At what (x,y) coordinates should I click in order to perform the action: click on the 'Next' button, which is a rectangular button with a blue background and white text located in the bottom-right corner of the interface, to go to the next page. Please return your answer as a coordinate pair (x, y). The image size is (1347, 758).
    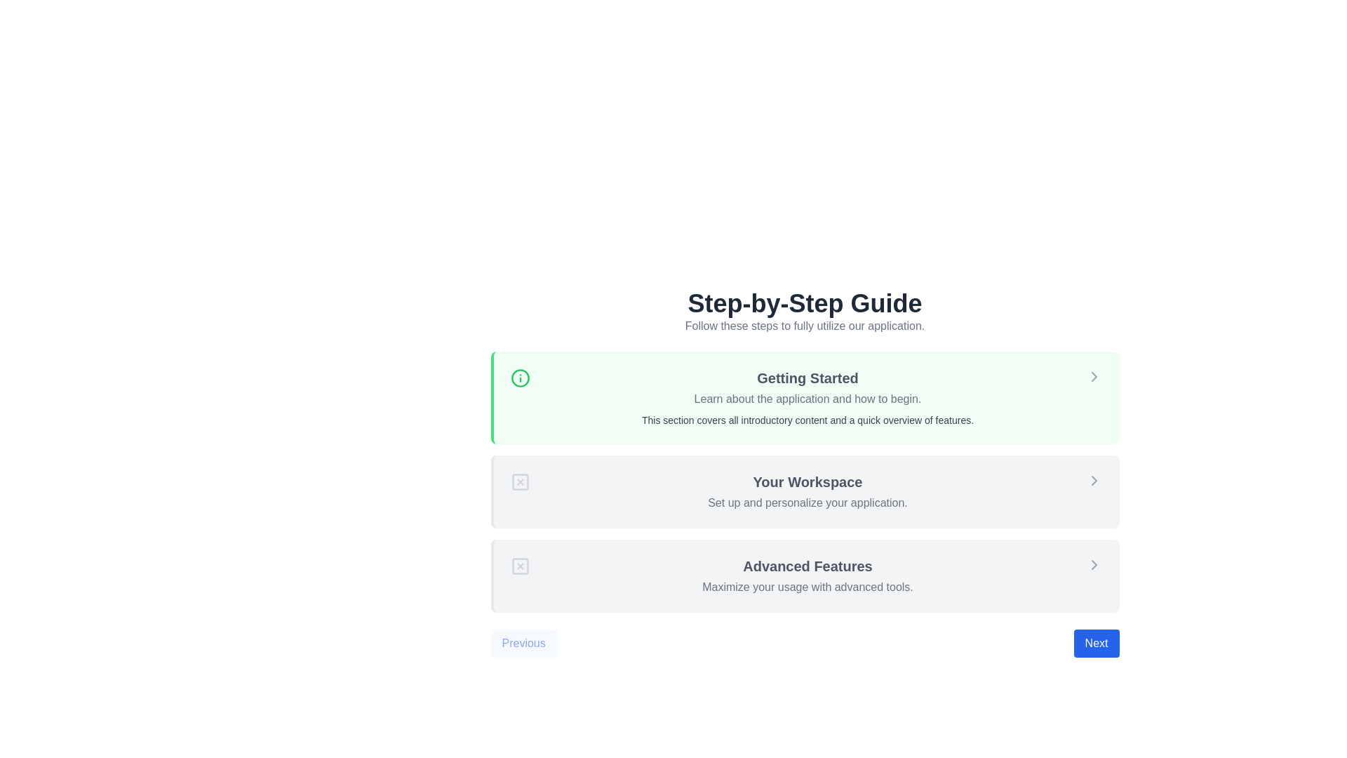
    Looking at the image, I should click on (1096, 644).